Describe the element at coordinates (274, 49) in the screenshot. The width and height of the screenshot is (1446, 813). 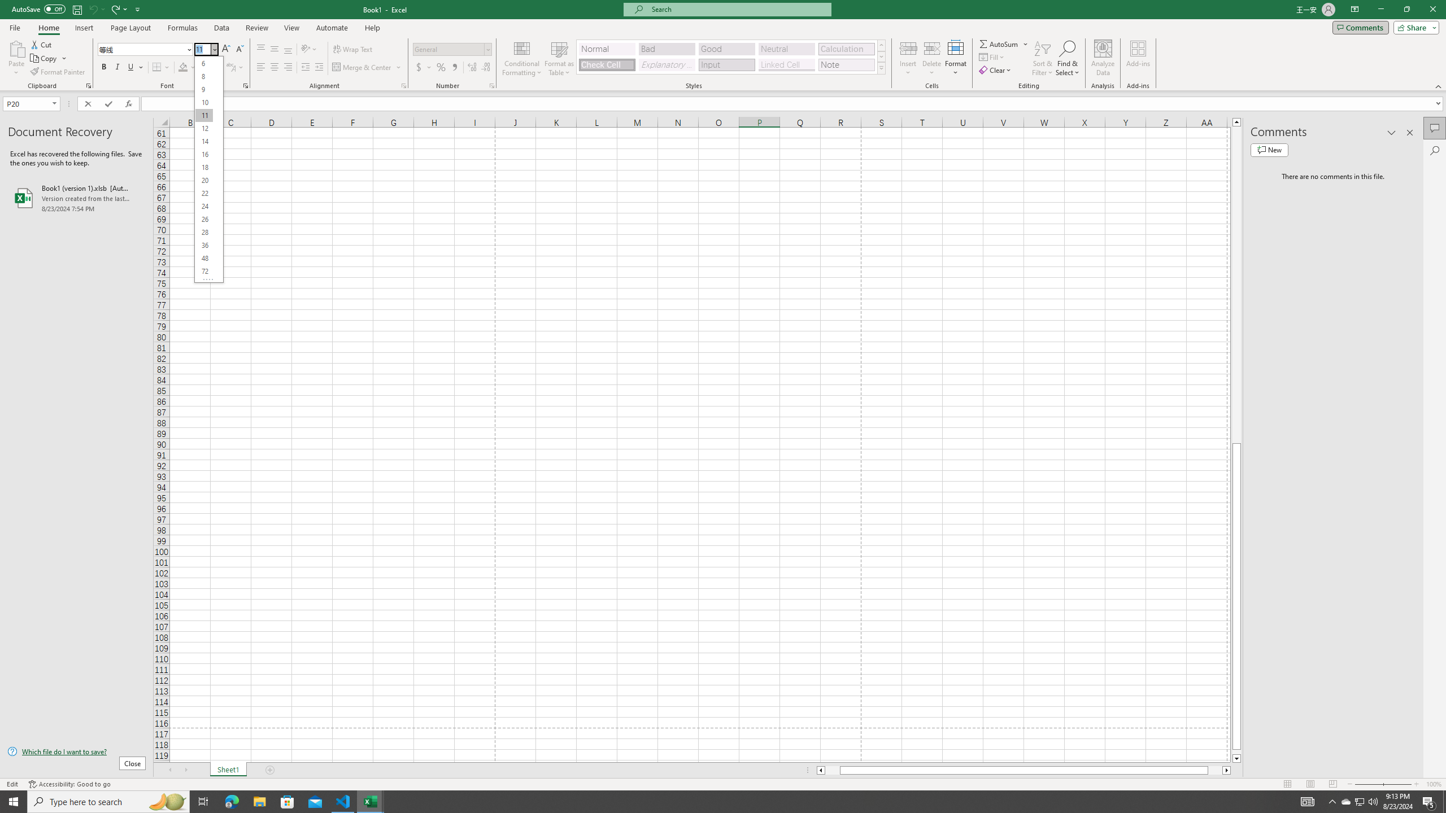
I see `'Middle Align'` at that location.